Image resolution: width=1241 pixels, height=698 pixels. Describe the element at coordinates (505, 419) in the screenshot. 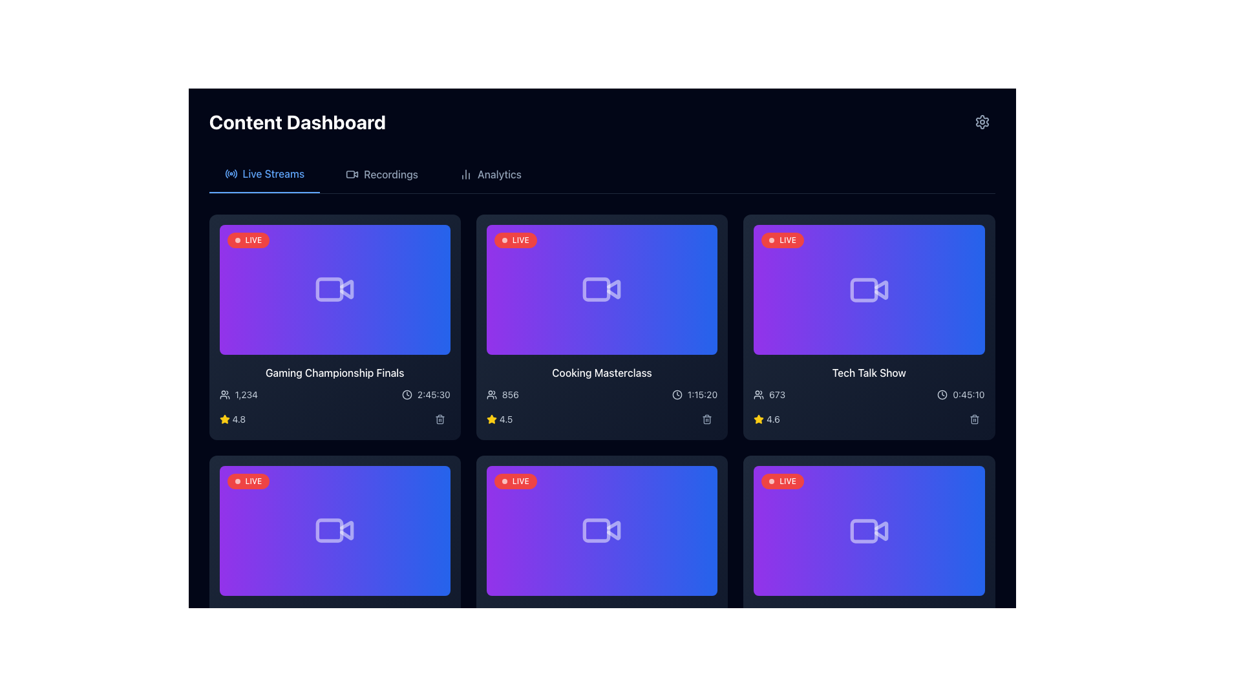

I see `displayed rating value from the text label located in the second grid item of the 'Cooking Masterclass' card, to the right of the yellow star icon` at that location.